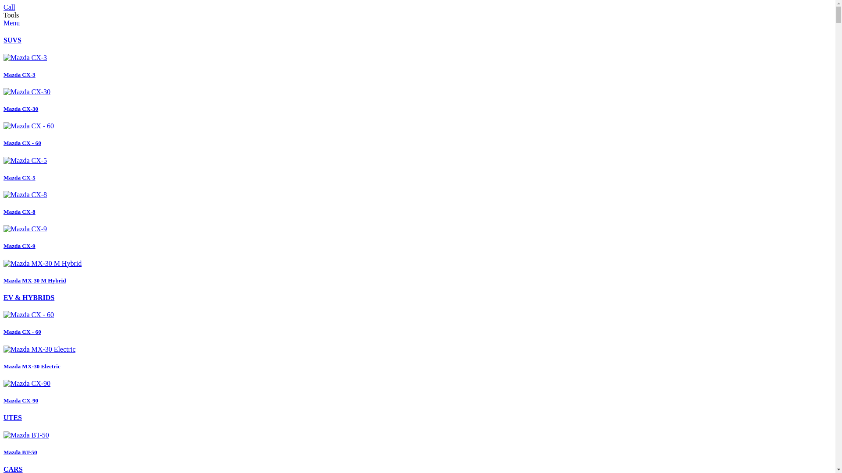 Image resolution: width=842 pixels, height=473 pixels. What do you see at coordinates (9, 7) in the screenshot?
I see `'Call'` at bounding box center [9, 7].